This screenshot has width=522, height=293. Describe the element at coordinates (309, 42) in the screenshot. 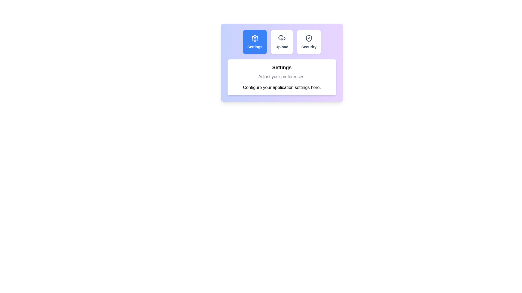

I see `the Security tab by clicking on it` at that location.